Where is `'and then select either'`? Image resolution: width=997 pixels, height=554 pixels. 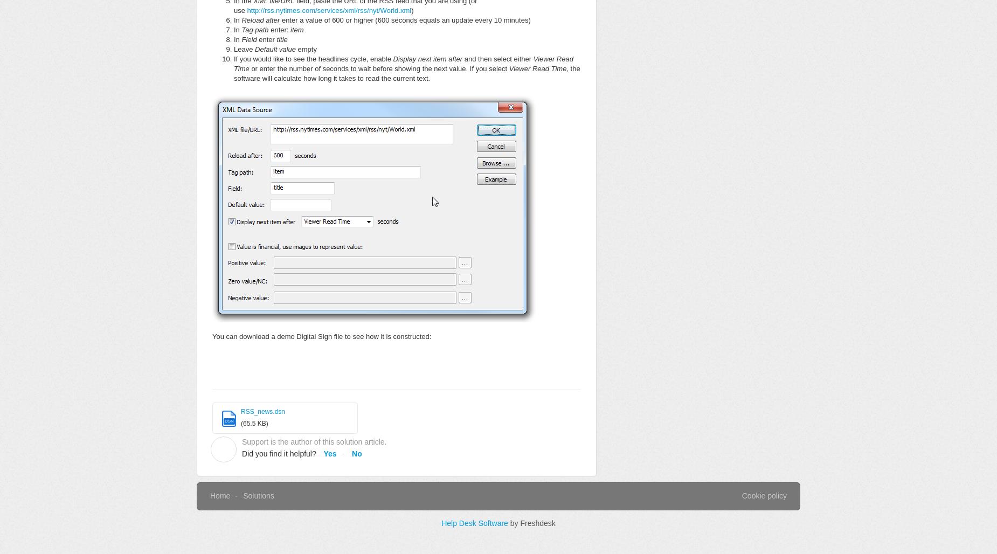
'and then select either' is located at coordinates (499, 58).